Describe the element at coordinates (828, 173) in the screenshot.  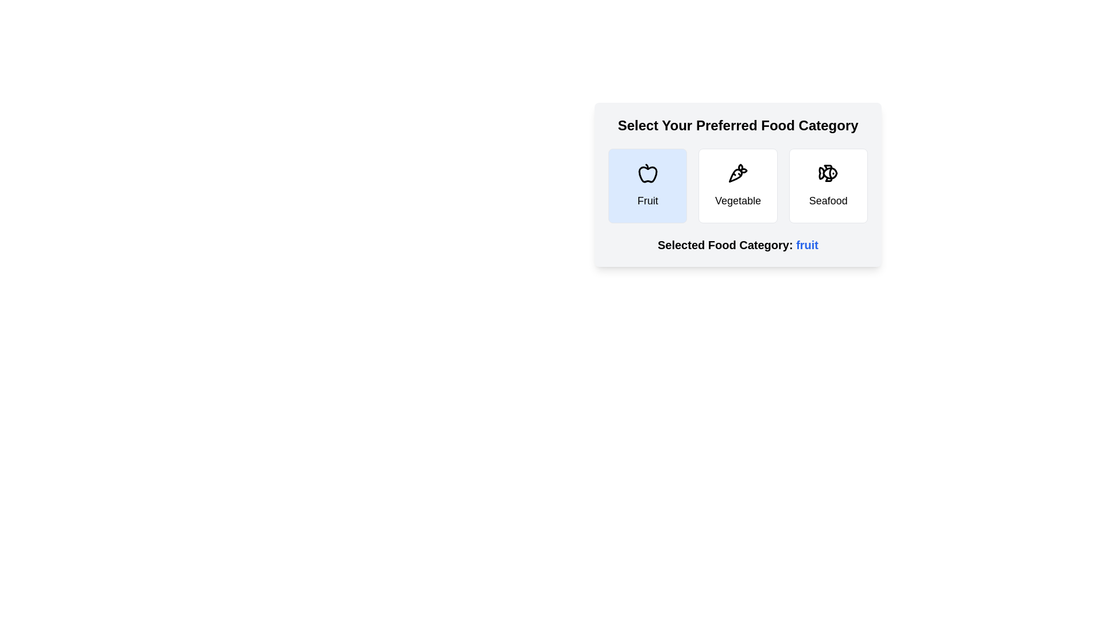
I see `the Seafood icon, which is represented by a fish icon located at the center of the box labeled 'Seafood', the third option in a horizontal row` at that location.